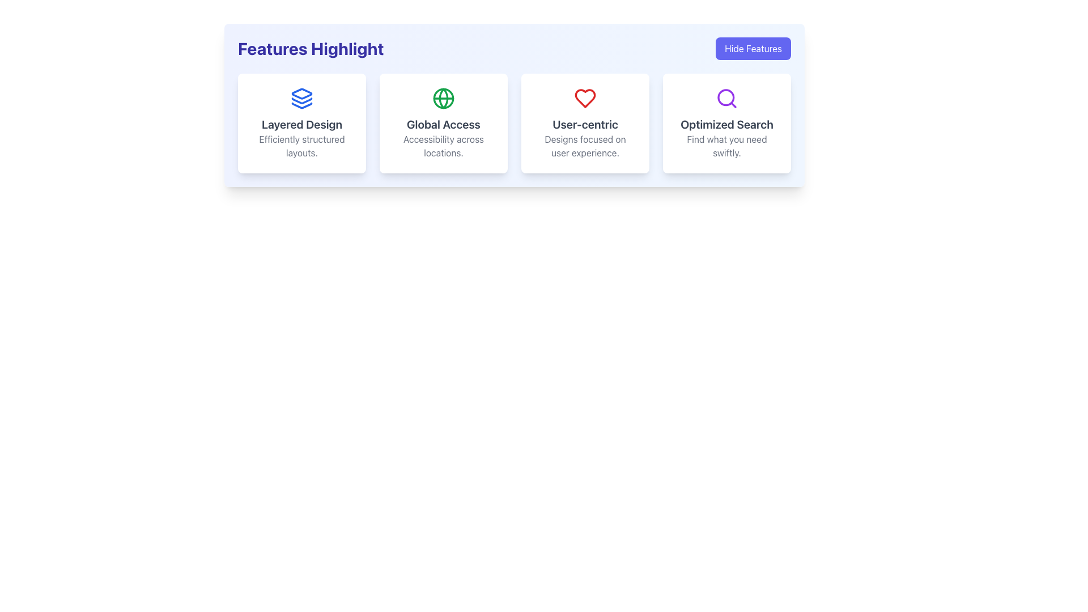 The image size is (1088, 612). Describe the element at coordinates (301, 124) in the screenshot. I see `text label that identifies the feature or service, which is located in the upper-left section of its card, directly below a blue icon in the 'Features Highlight' section` at that location.